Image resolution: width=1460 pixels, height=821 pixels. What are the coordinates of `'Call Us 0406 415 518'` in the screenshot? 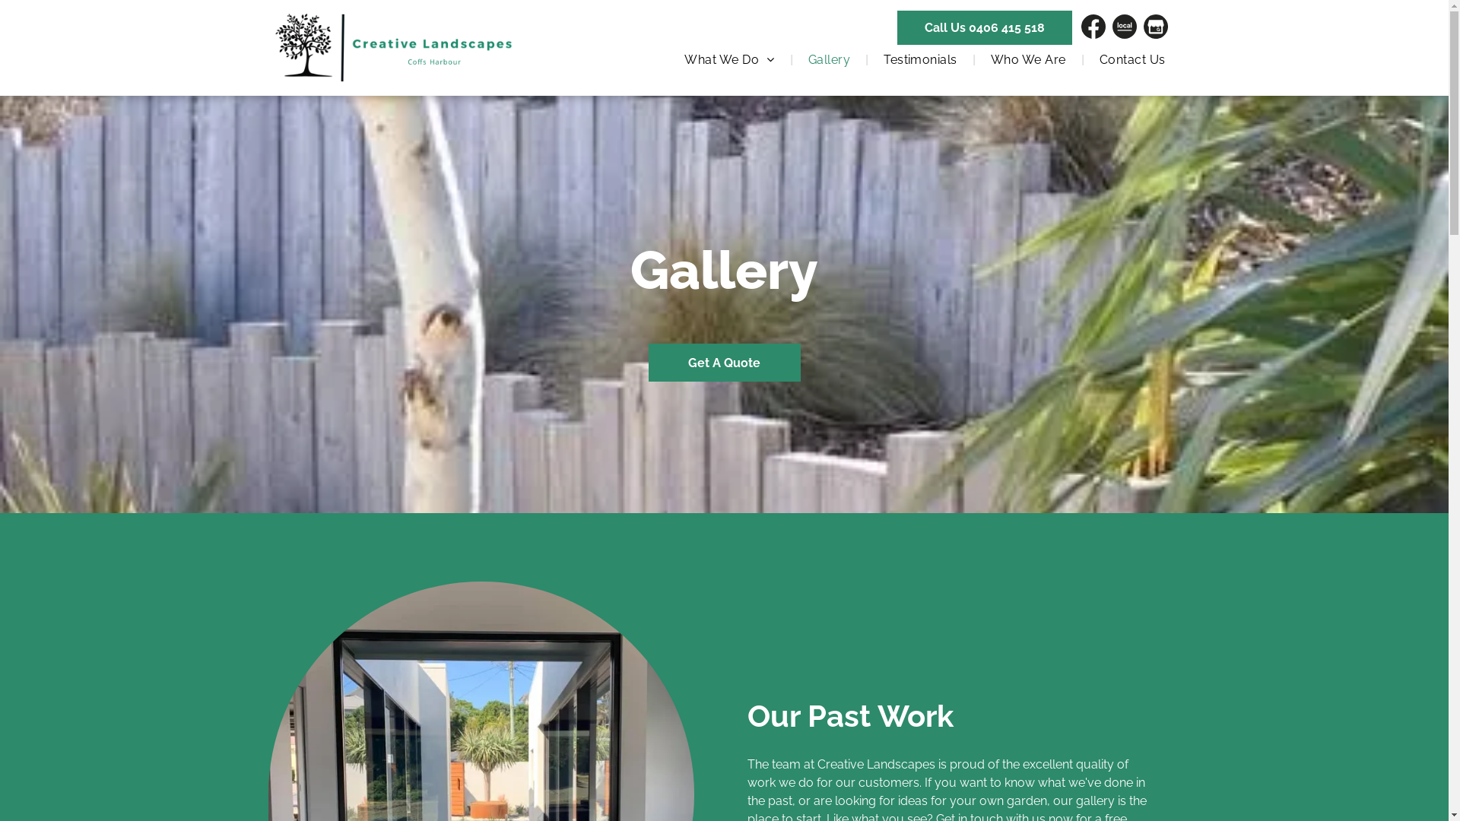 It's located at (985, 27).